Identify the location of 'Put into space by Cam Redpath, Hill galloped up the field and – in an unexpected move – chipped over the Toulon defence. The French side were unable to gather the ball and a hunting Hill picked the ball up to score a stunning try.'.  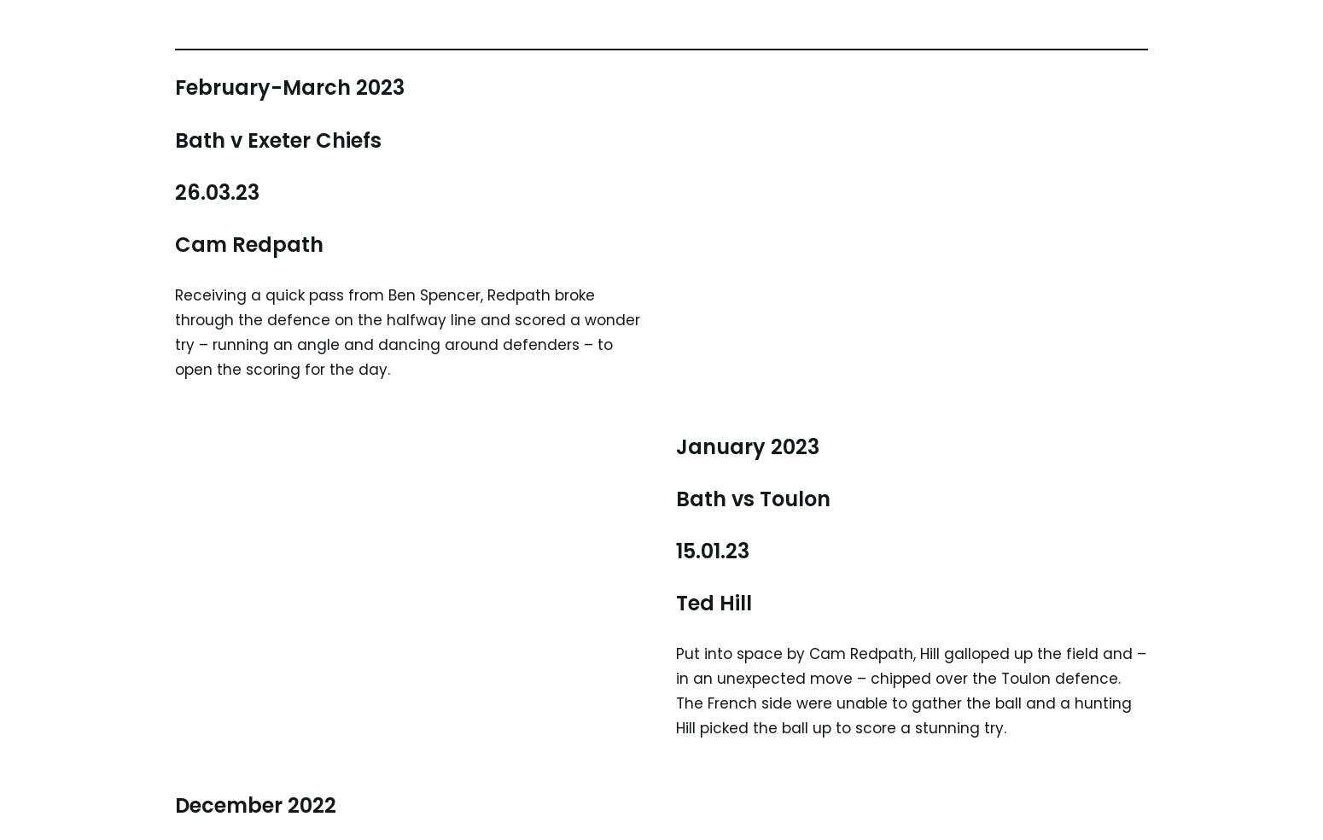
(675, 690).